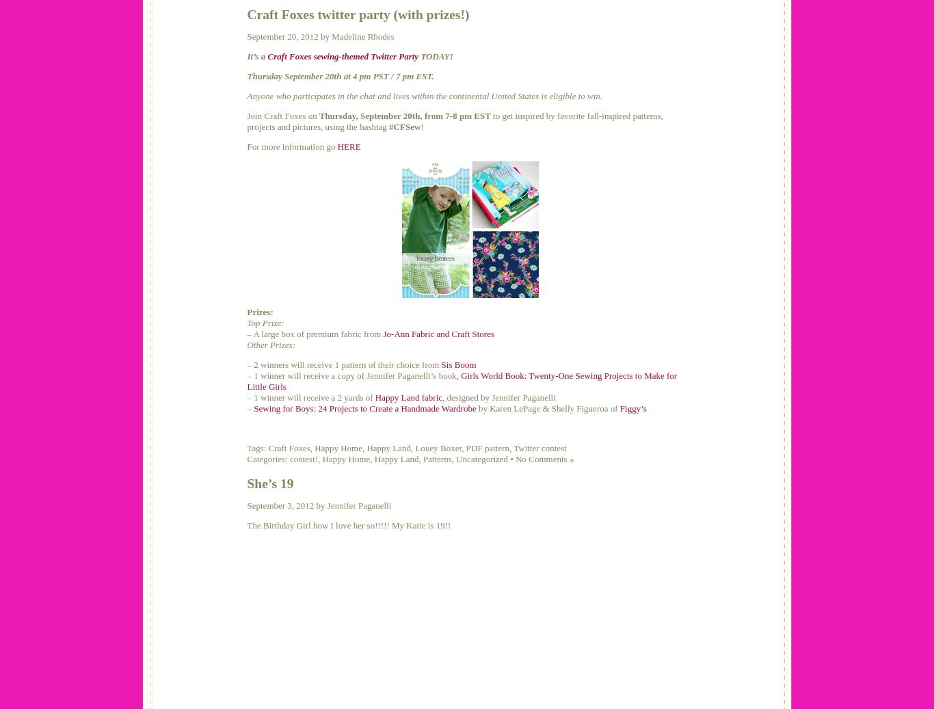 This screenshot has height=709, width=934. Describe the element at coordinates (349, 146) in the screenshot. I see `'HERE'` at that location.